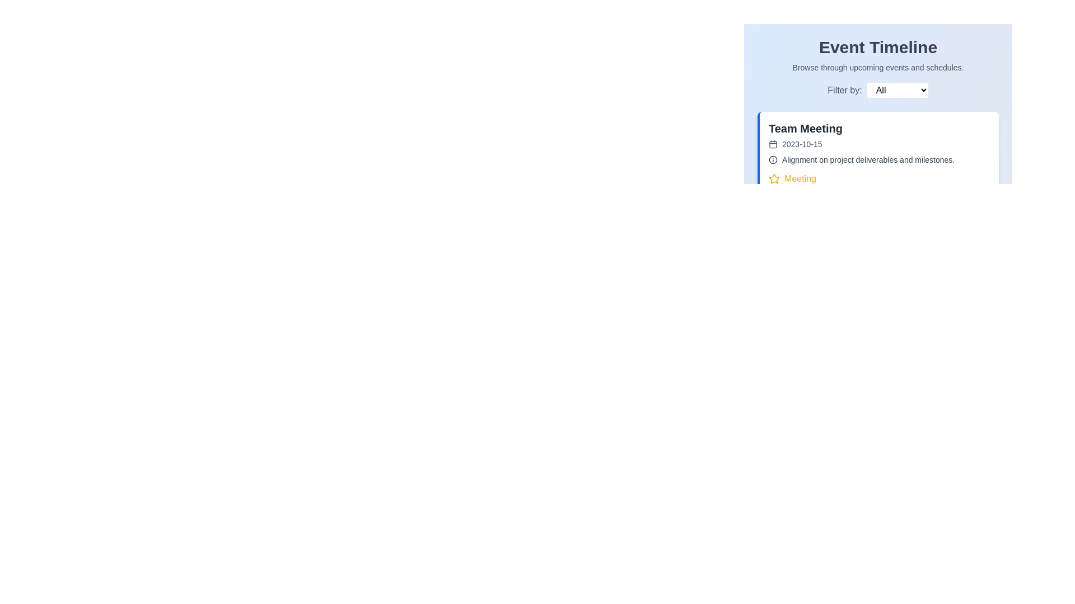 This screenshot has height=604, width=1075. Describe the element at coordinates (844, 90) in the screenshot. I see `the 'Filter by:' label, which is a gray textual label positioned to the left of the 'All' dropdown menu in the filter component` at that location.